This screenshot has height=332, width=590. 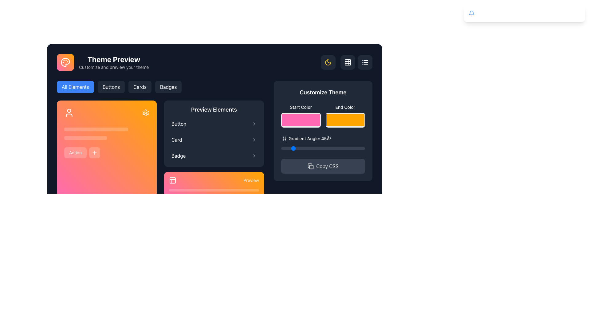 What do you see at coordinates (65, 62) in the screenshot?
I see `the central SVG vector graphic resembling a palette` at bounding box center [65, 62].